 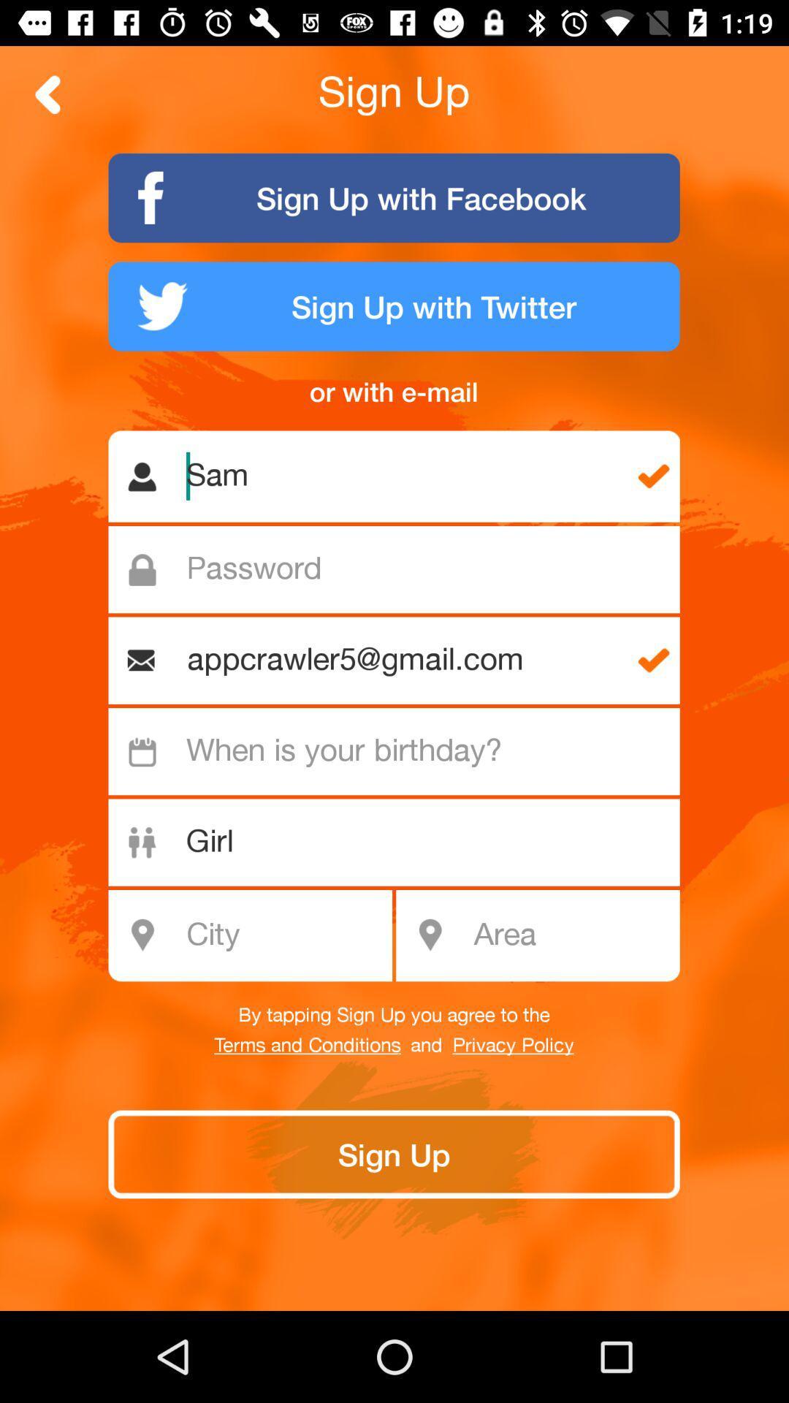 I want to click on input birthday, so click(x=402, y=751).